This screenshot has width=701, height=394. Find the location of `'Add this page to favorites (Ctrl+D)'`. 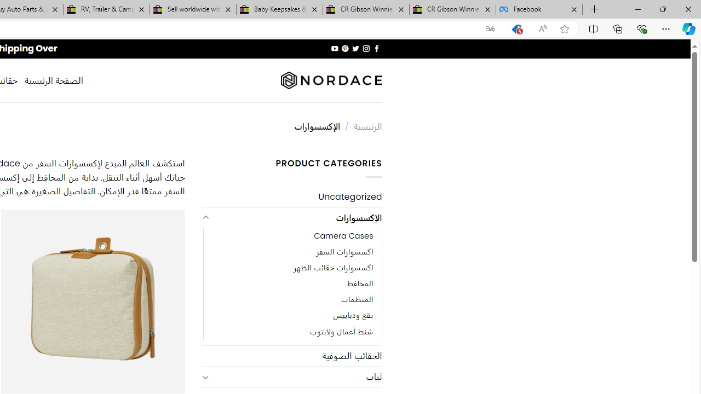

'Add this page to favorites (Ctrl+D)' is located at coordinates (565, 28).